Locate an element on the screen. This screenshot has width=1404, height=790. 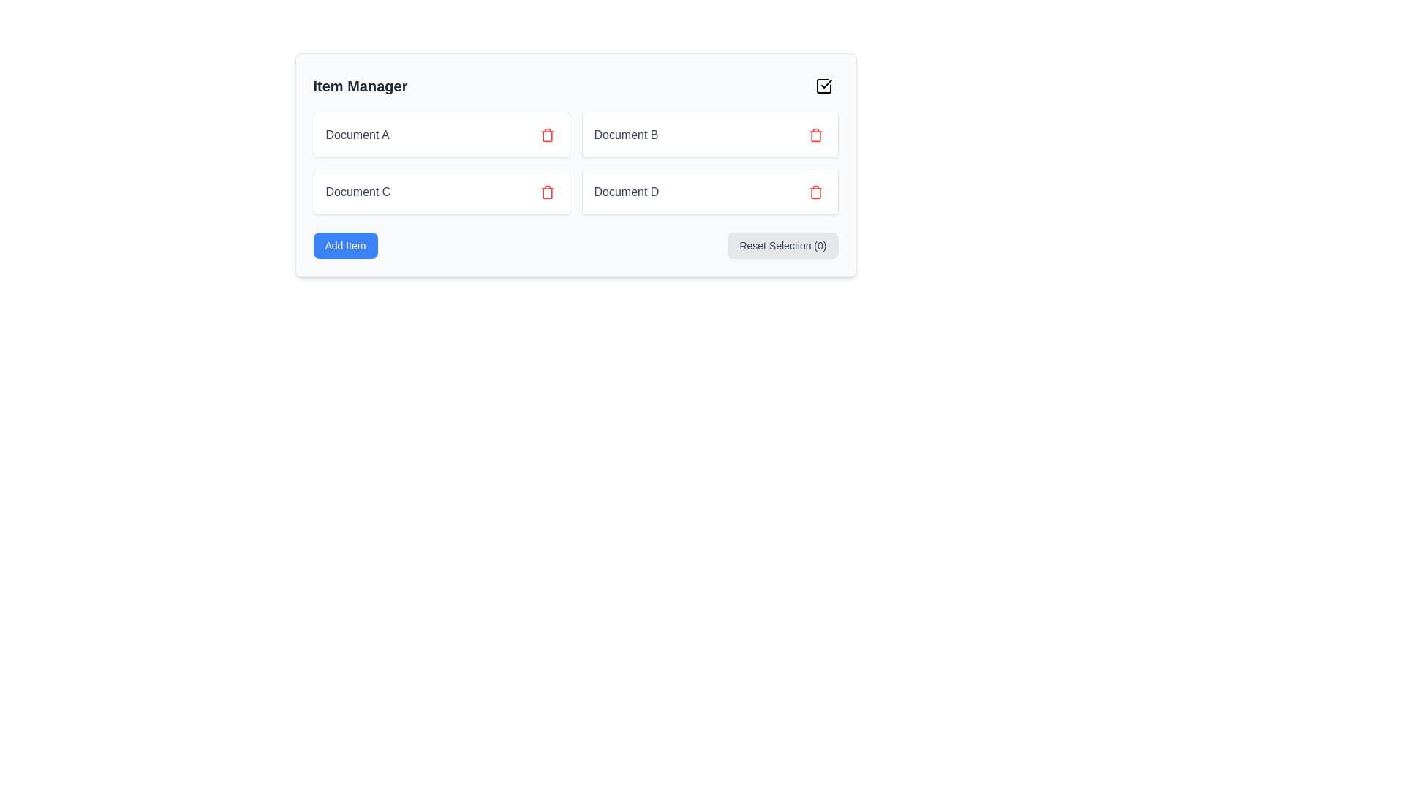
the delete icon for 'Document B' located at the top-right of its gray-bordered box is located at coordinates (546, 135).